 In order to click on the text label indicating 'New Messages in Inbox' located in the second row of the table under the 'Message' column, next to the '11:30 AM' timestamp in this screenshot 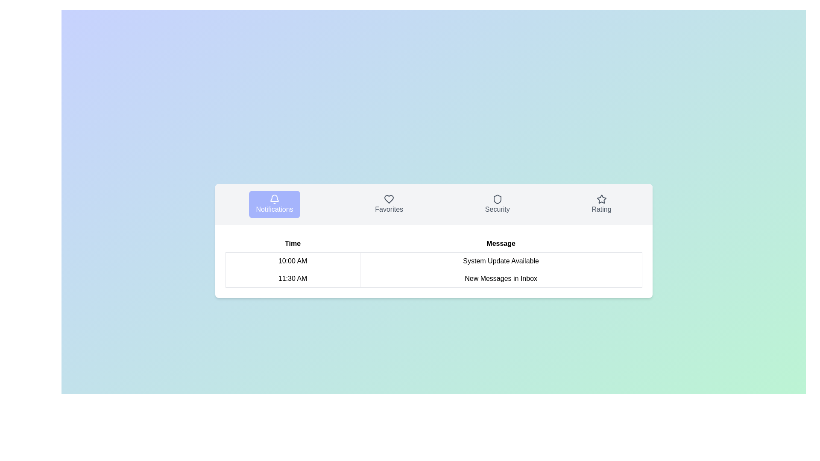, I will do `click(501, 278)`.